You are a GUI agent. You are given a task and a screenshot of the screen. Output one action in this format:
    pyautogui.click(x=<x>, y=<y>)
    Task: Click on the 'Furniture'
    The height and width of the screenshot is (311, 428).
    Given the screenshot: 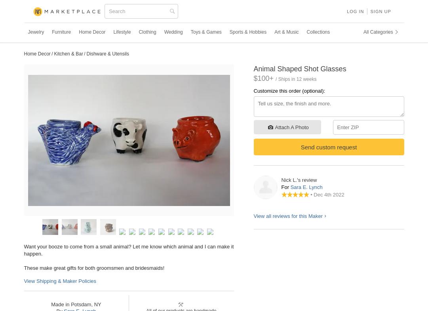 What is the action you would take?
    pyautogui.click(x=61, y=32)
    